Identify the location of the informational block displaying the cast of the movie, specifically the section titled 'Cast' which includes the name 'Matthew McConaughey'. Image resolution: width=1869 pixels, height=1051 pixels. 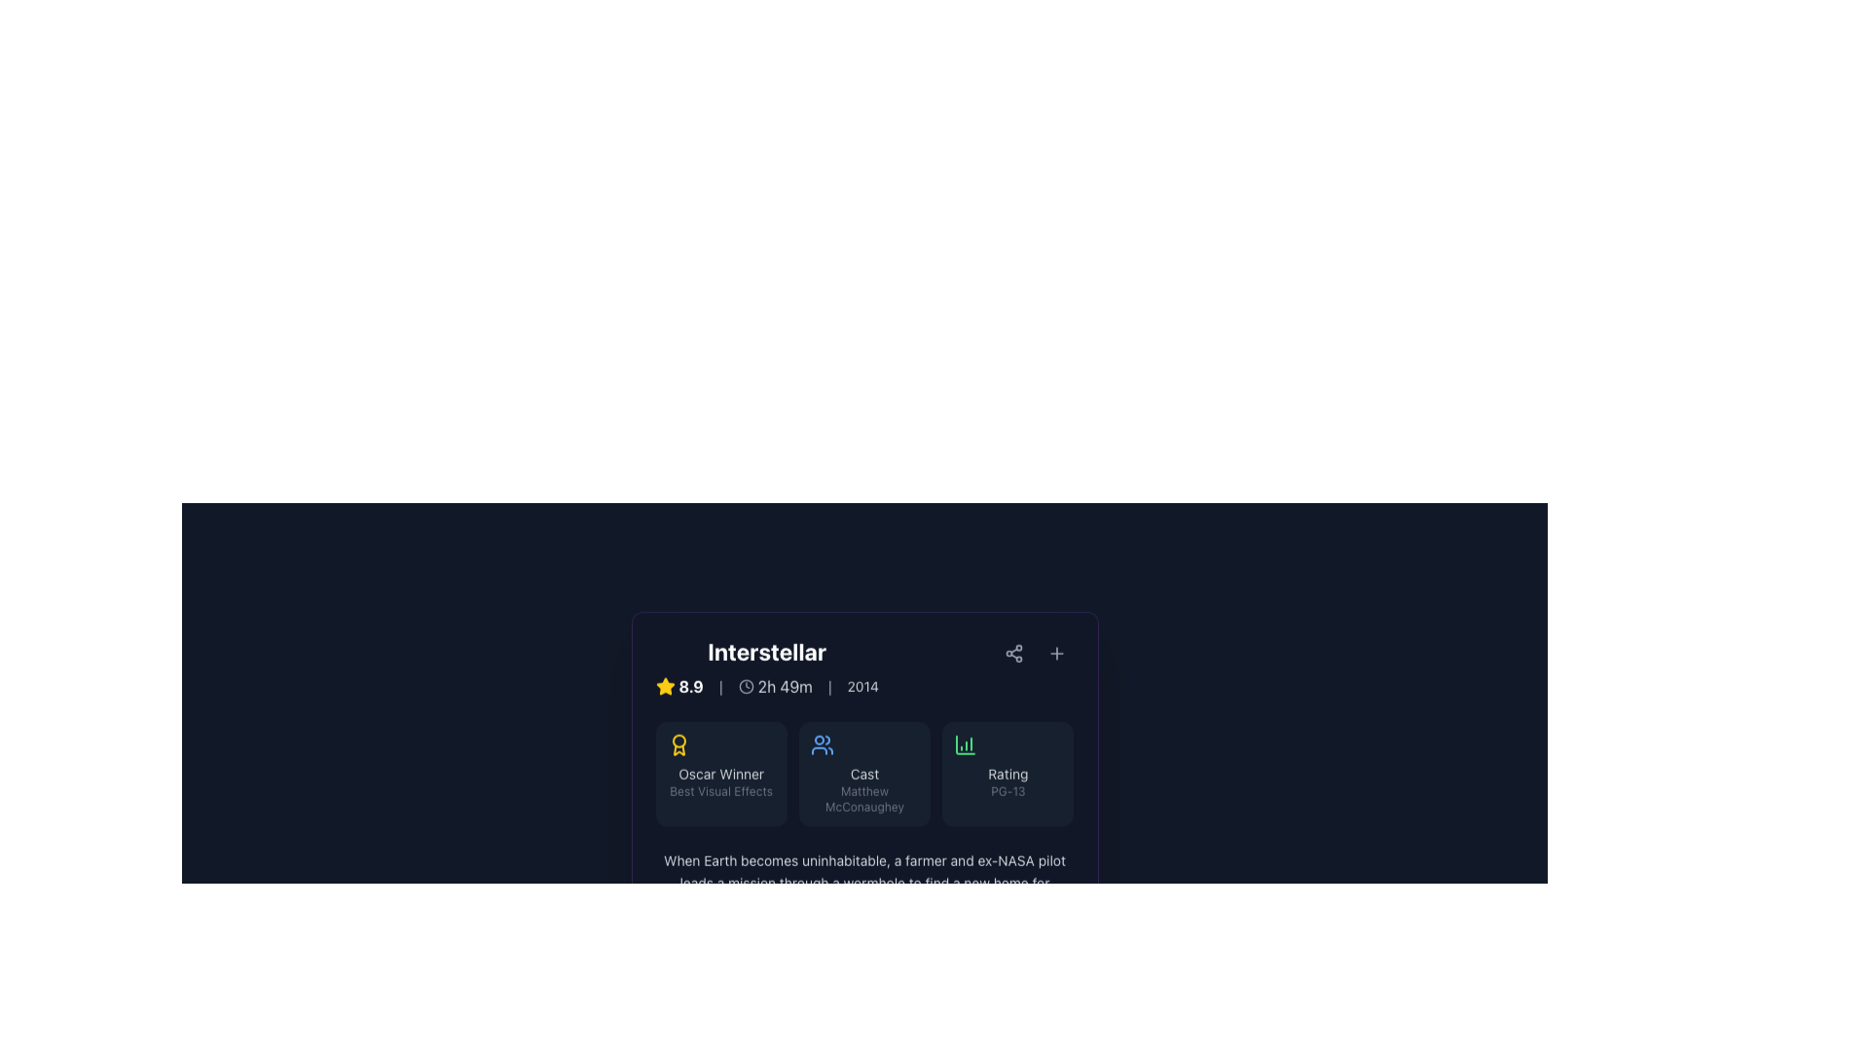
(863, 773).